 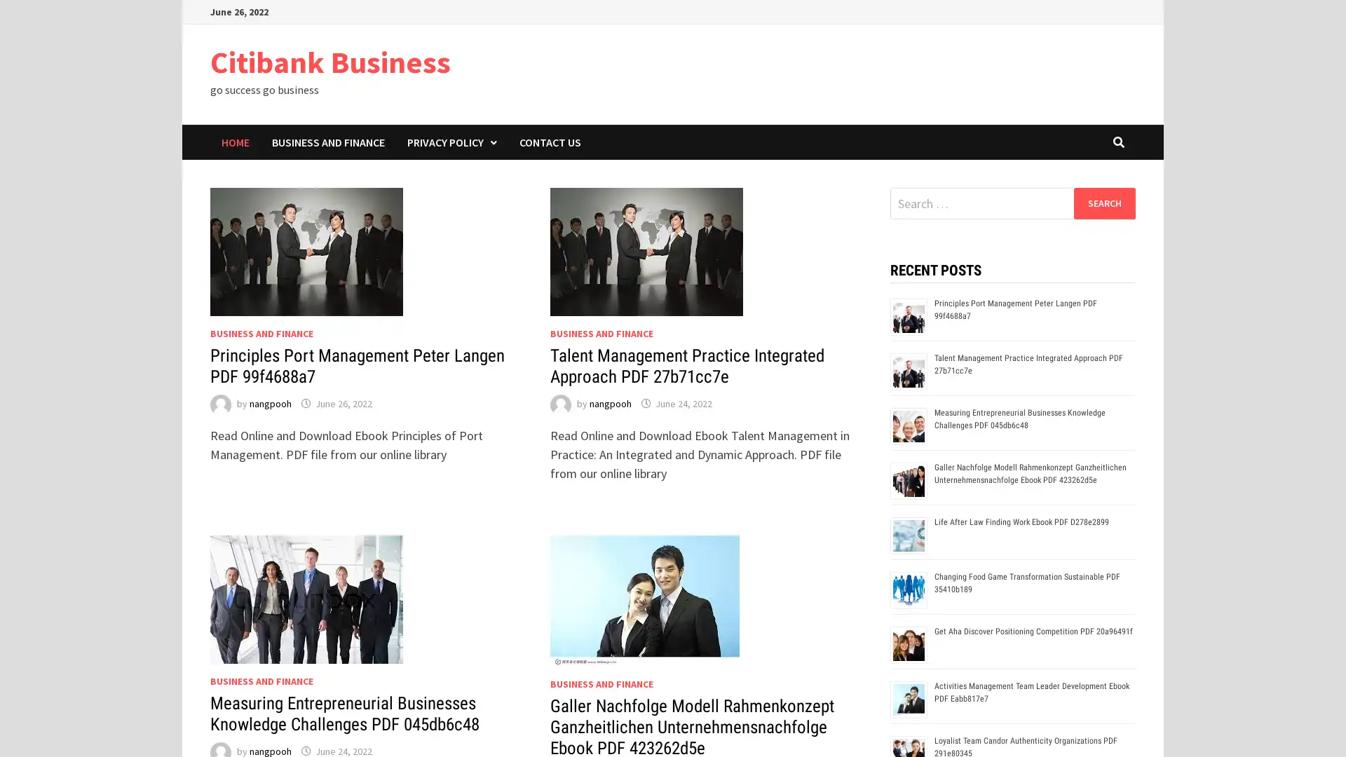 I want to click on Search, so click(x=1103, y=203).